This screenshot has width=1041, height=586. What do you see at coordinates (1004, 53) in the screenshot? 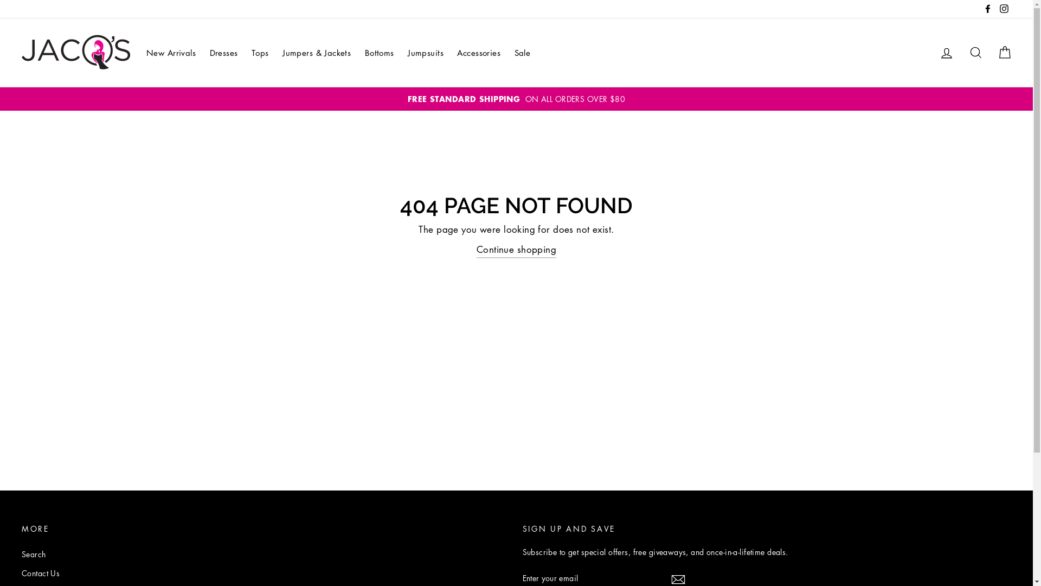
I see `'Cart'` at bounding box center [1004, 53].